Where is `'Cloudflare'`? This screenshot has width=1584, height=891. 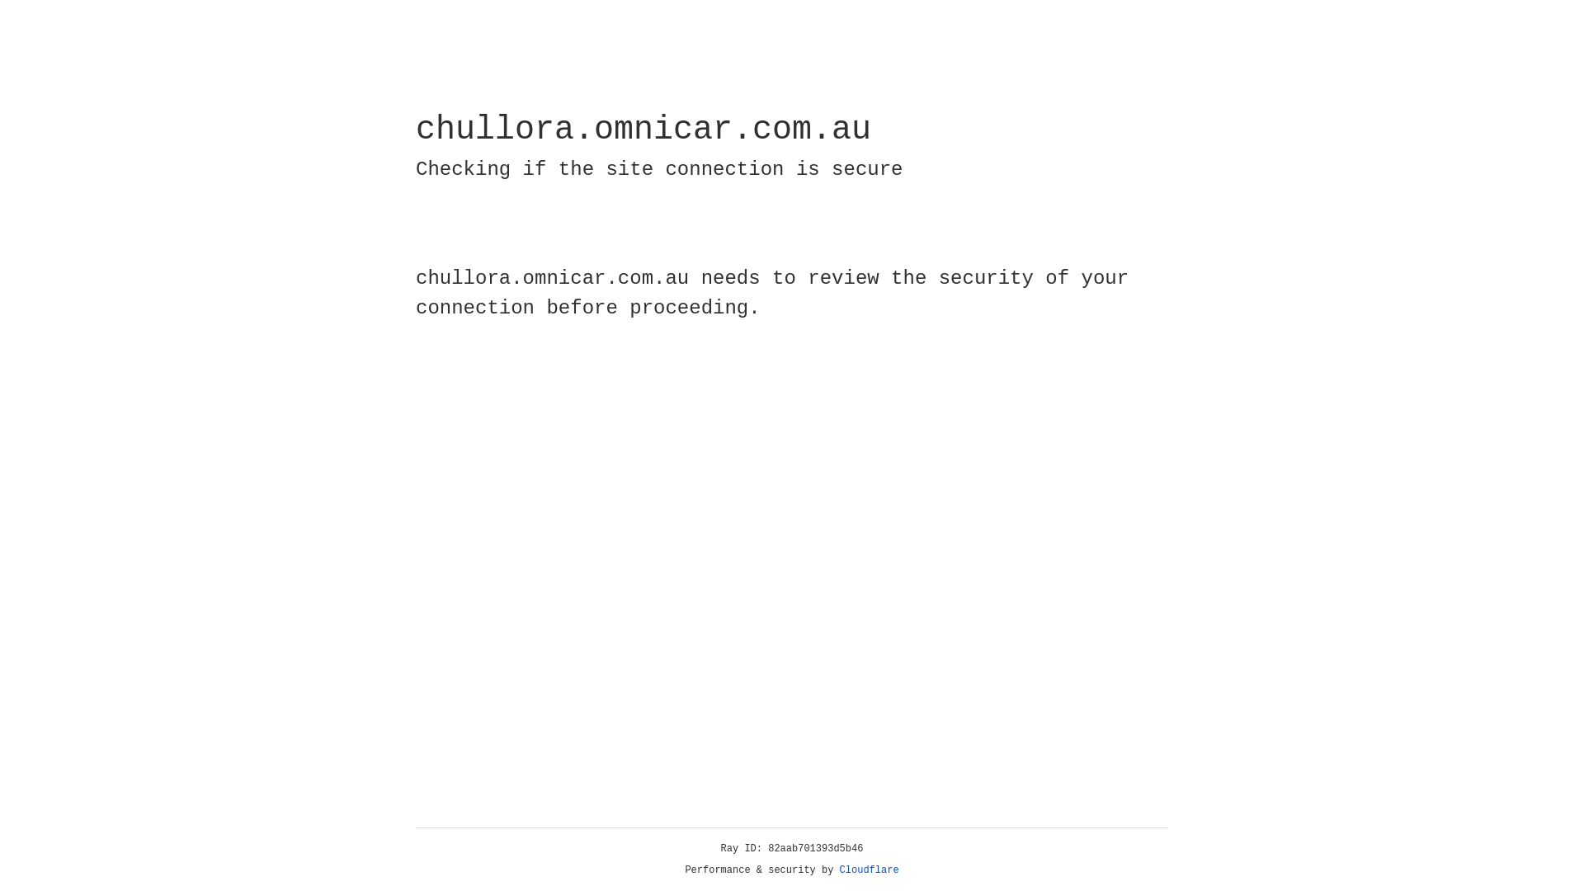
'Cloudflare' is located at coordinates (869, 870).